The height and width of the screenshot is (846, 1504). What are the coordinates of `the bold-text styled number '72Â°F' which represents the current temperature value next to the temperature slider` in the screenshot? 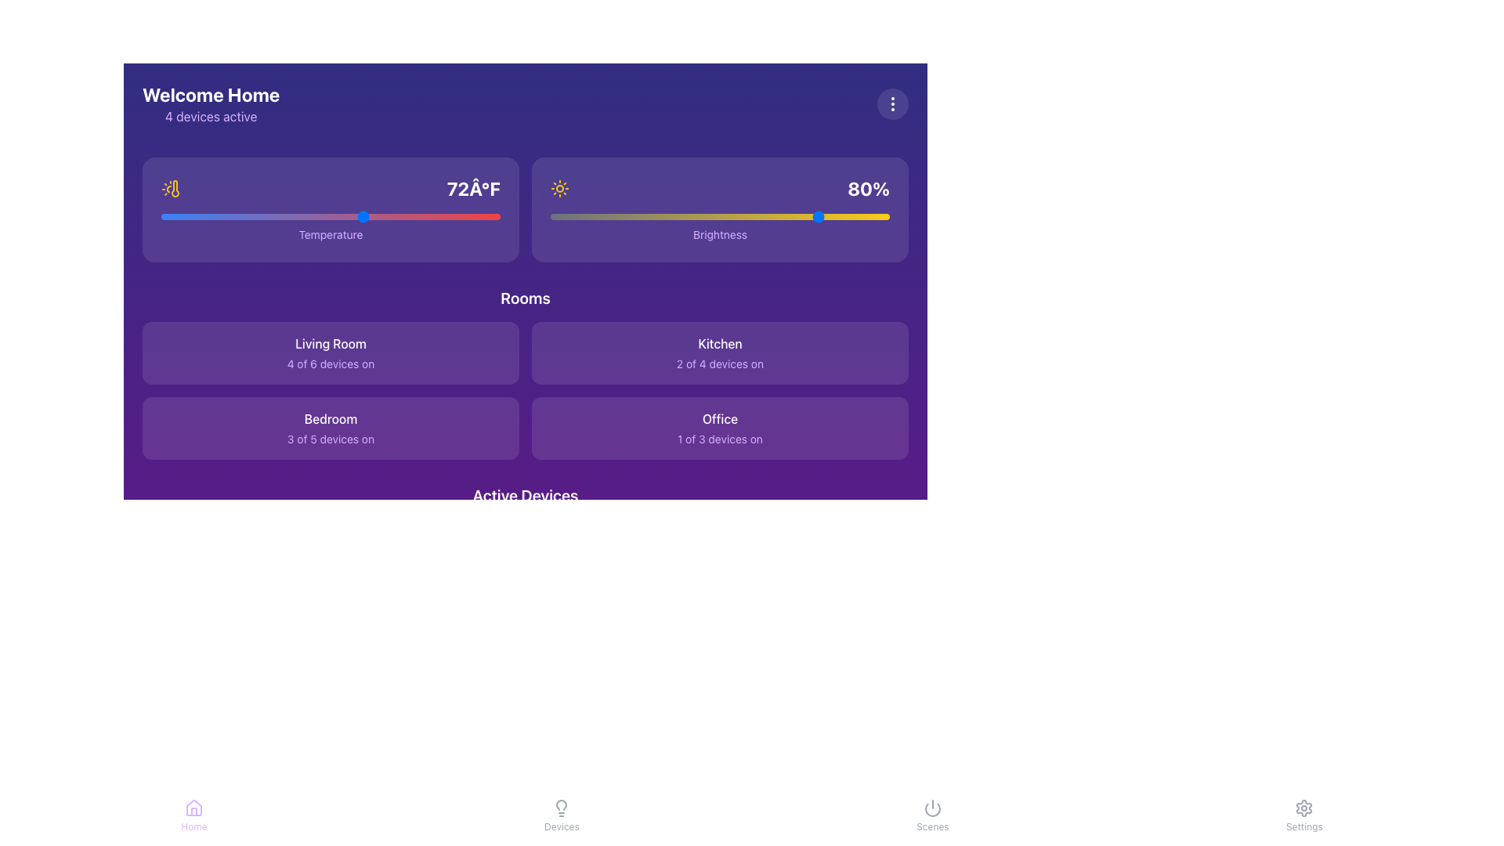 It's located at (472, 187).